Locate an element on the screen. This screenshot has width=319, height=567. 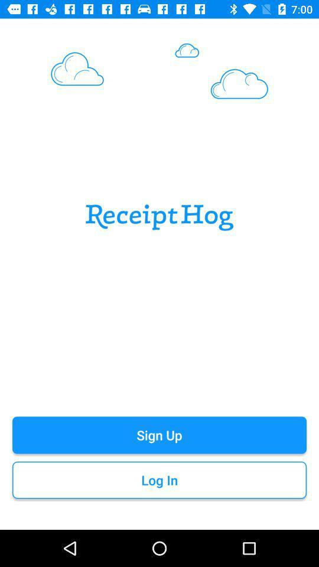
item below sign up is located at coordinates (159, 480).